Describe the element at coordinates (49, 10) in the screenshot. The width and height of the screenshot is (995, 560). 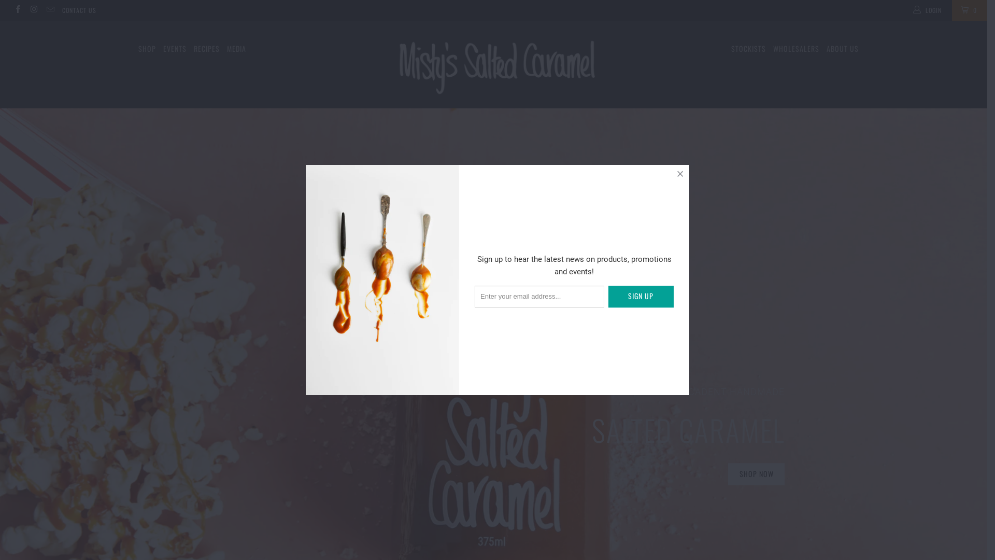
I see `'Email Misty's Salted Caramel'` at that location.